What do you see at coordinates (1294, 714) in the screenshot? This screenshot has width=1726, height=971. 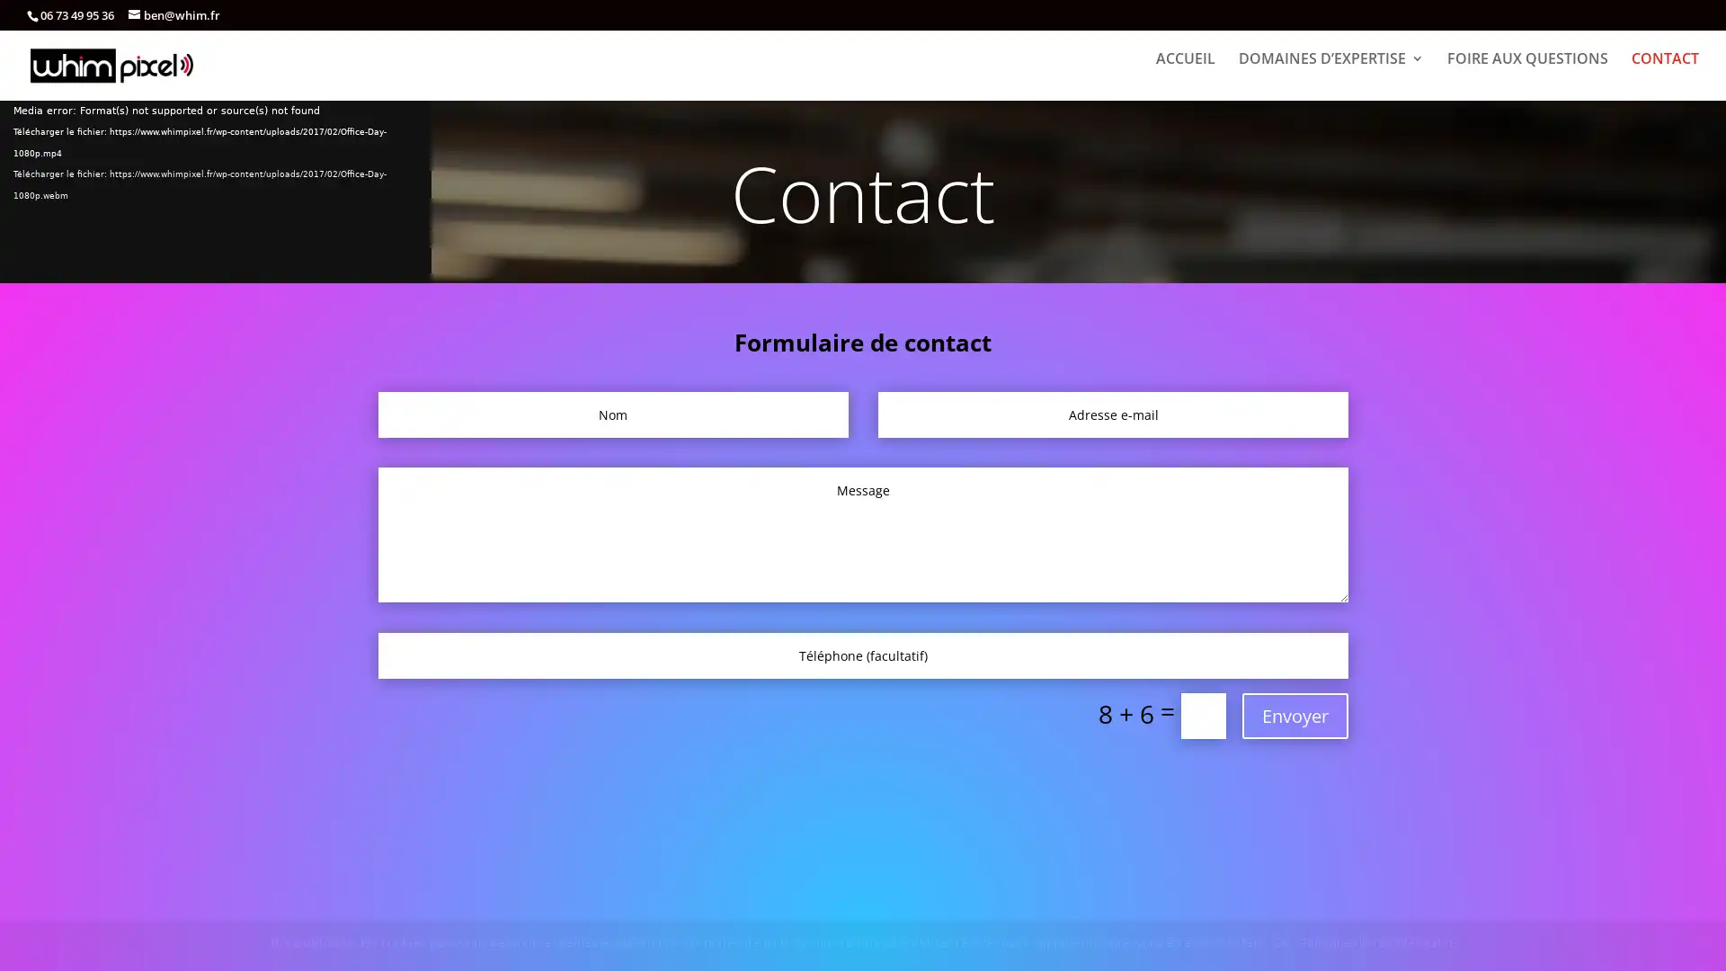 I see `Envoyer` at bounding box center [1294, 714].